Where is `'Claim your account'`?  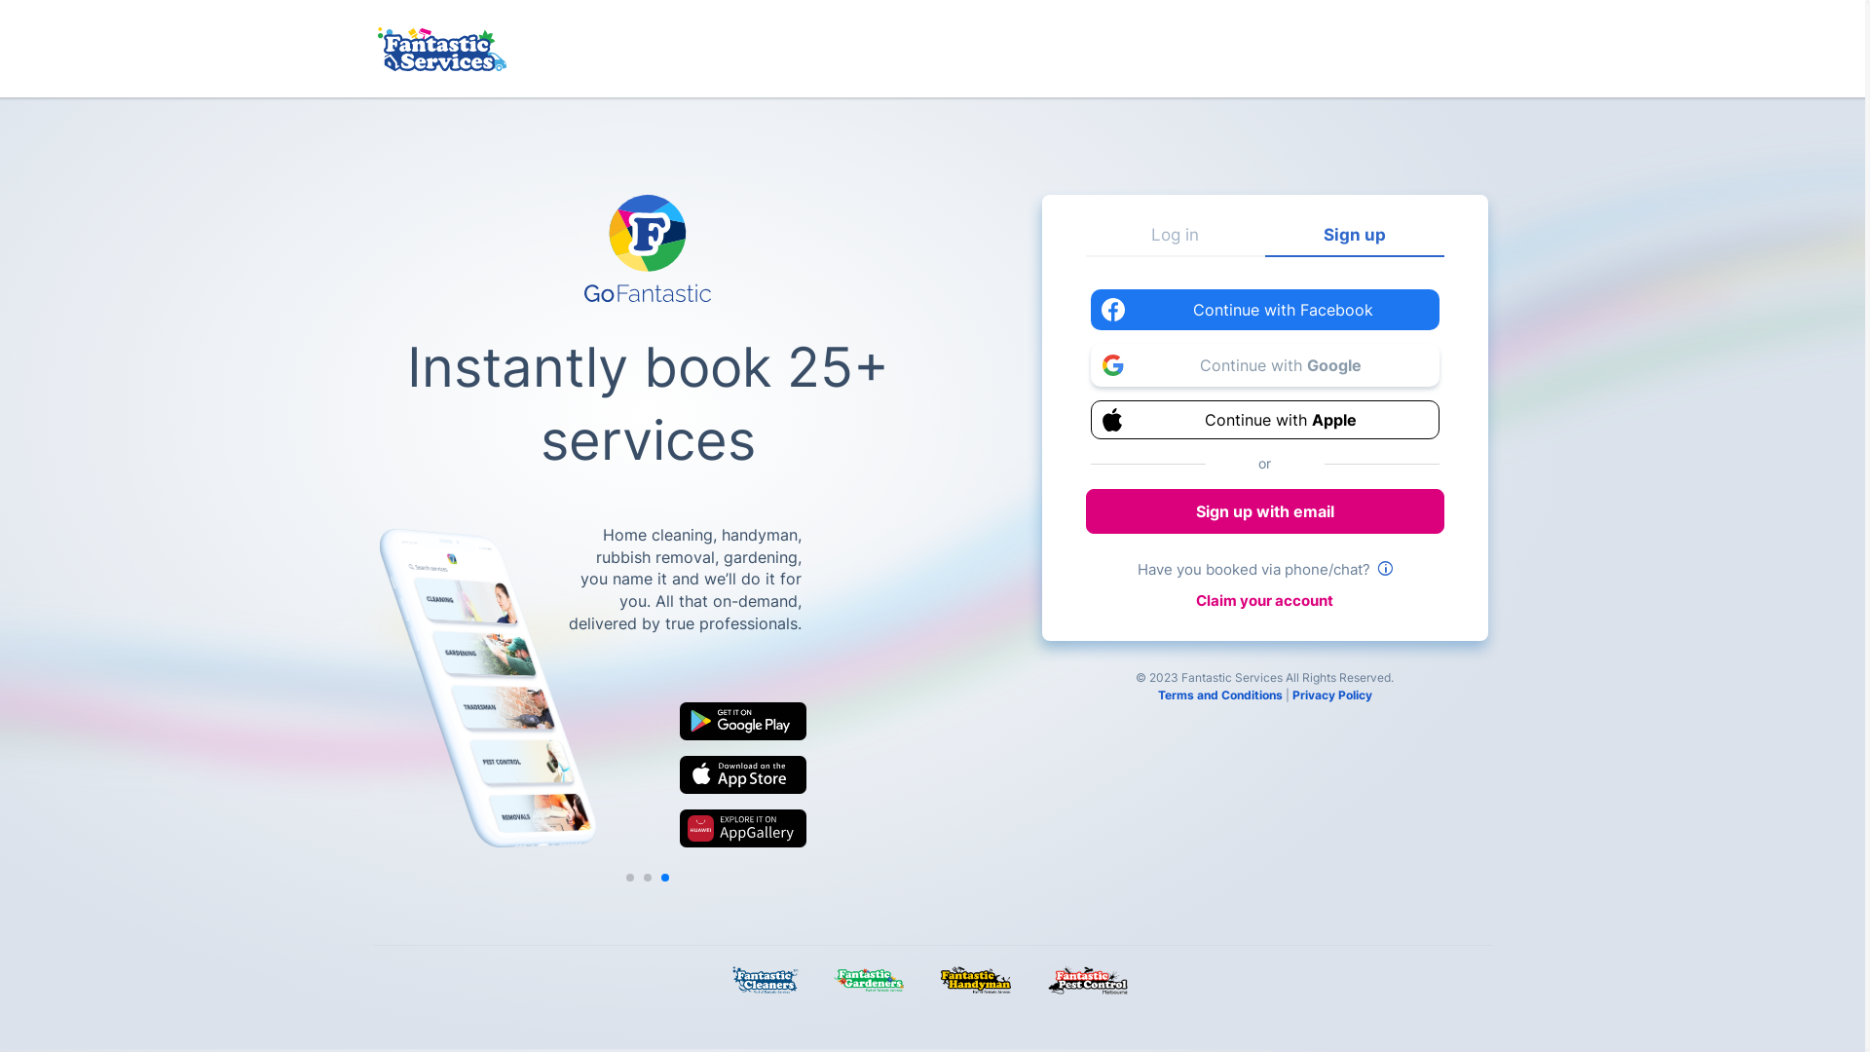 'Claim your account' is located at coordinates (1264, 599).